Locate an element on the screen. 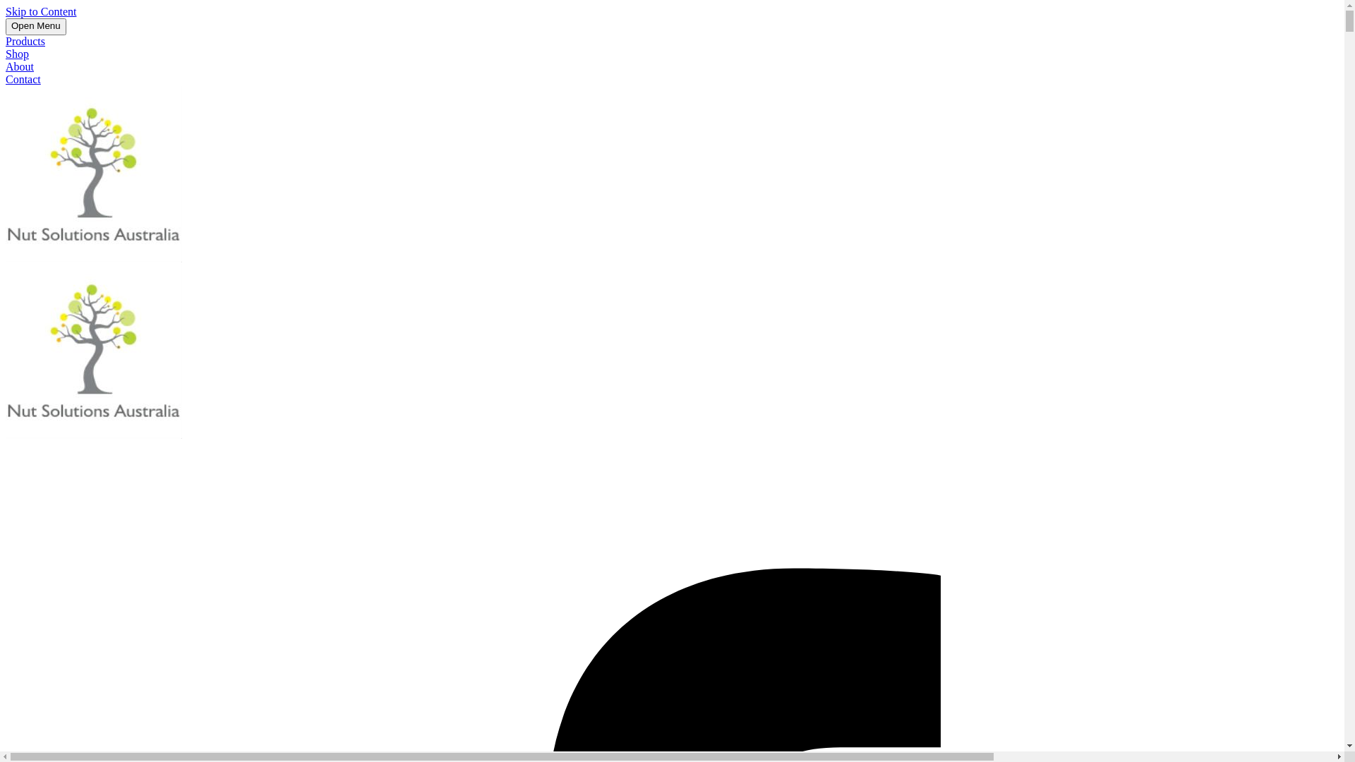 Image resolution: width=1355 pixels, height=762 pixels. 'About' is located at coordinates (20, 66).